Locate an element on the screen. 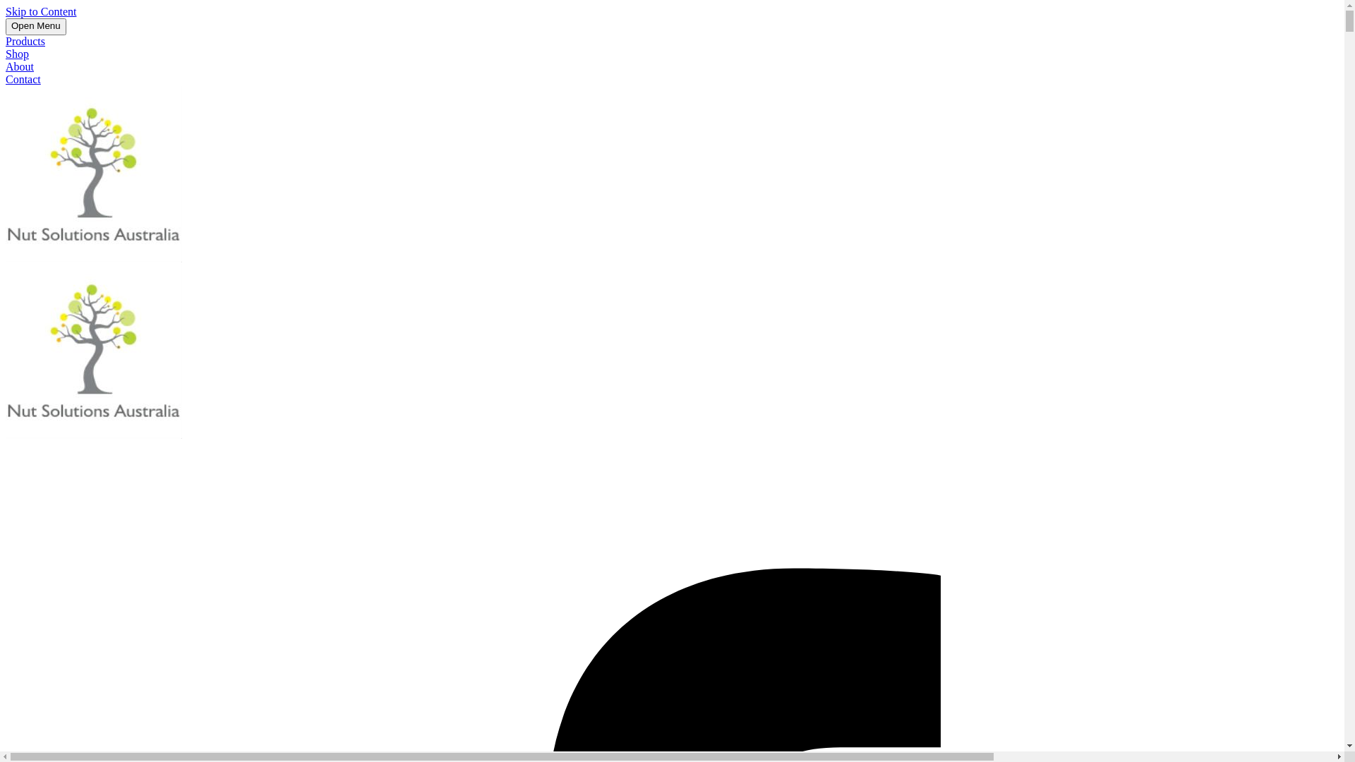 Image resolution: width=1355 pixels, height=762 pixels. 'About' is located at coordinates (20, 66).